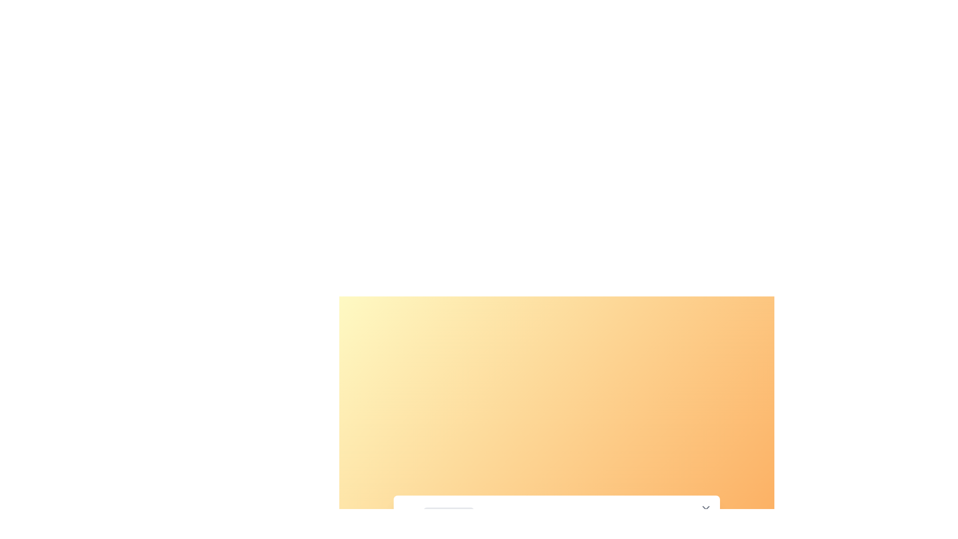 The width and height of the screenshot is (958, 539). What do you see at coordinates (448, 516) in the screenshot?
I see `the filter option Nature from the dropdown` at bounding box center [448, 516].